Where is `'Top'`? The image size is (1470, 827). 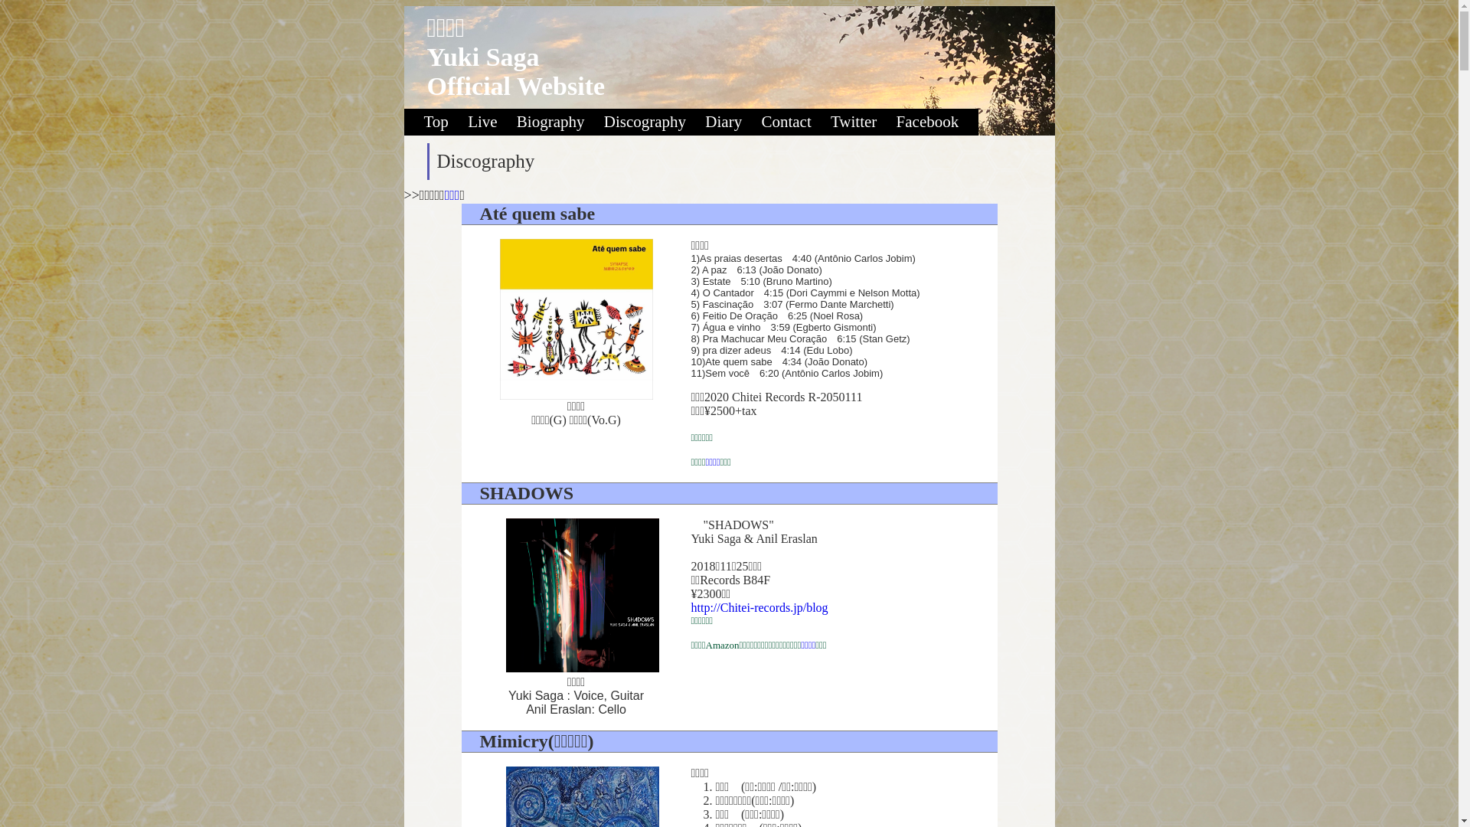 'Top' is located at coordinates (435, 120).